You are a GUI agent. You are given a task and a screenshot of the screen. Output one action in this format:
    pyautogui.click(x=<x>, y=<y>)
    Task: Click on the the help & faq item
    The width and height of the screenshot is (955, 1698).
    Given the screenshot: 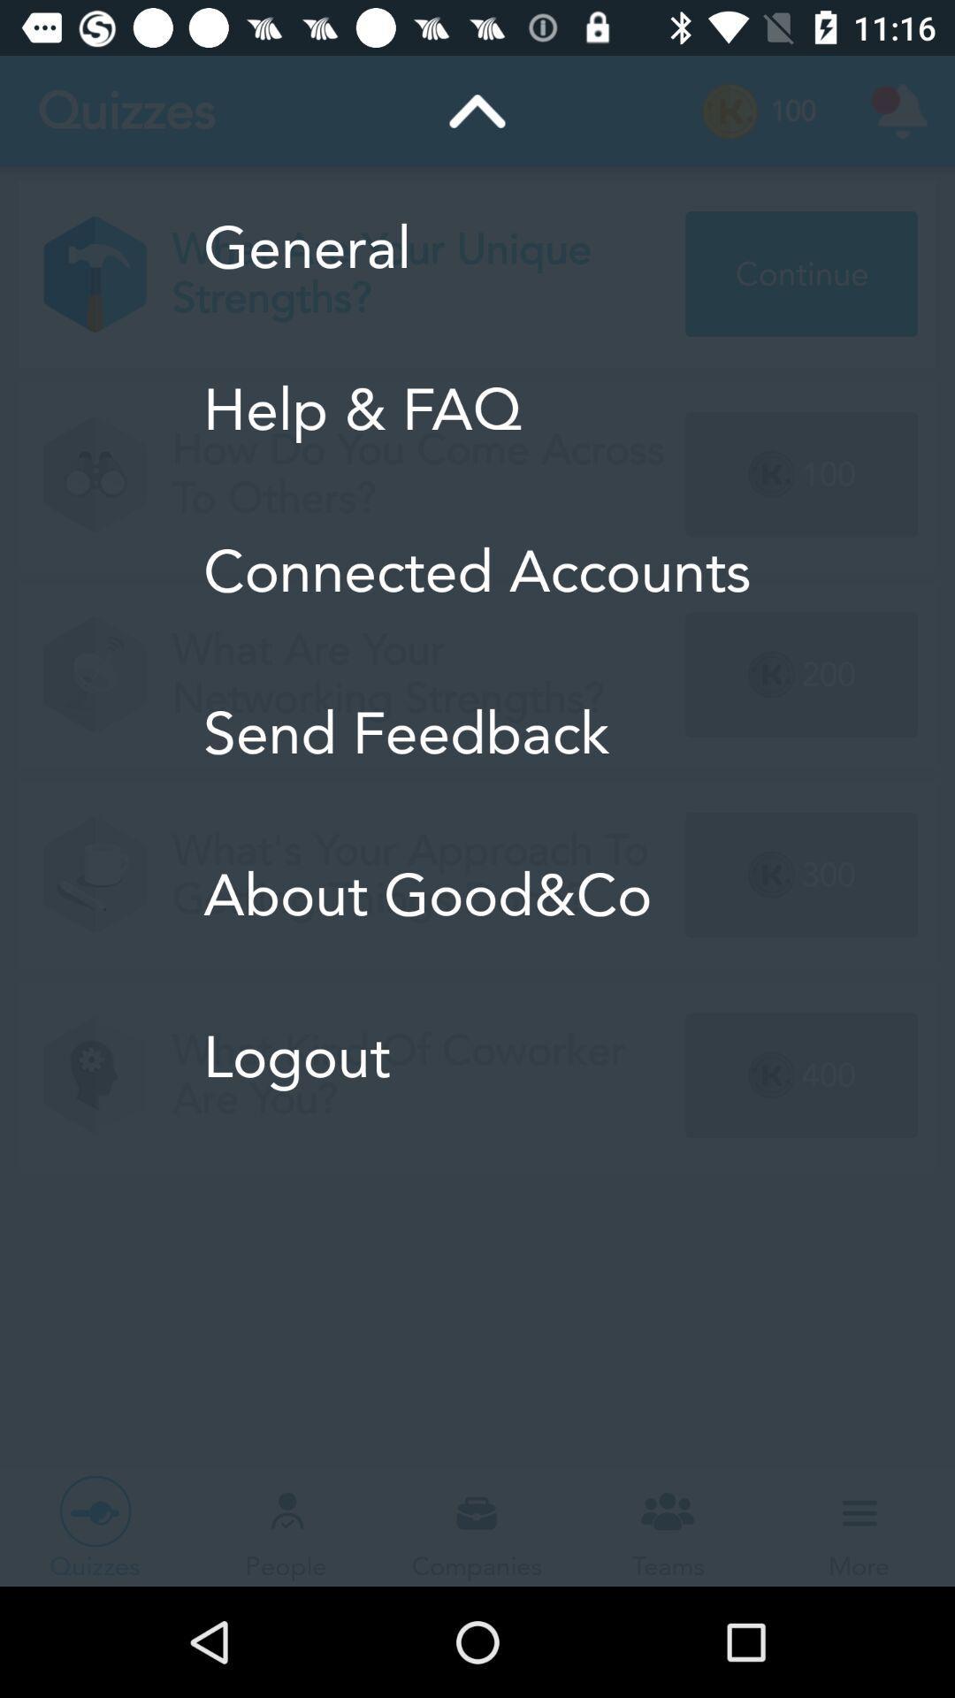 What is the action you would take?
    pyautogui.click(x=476, y=409)
    